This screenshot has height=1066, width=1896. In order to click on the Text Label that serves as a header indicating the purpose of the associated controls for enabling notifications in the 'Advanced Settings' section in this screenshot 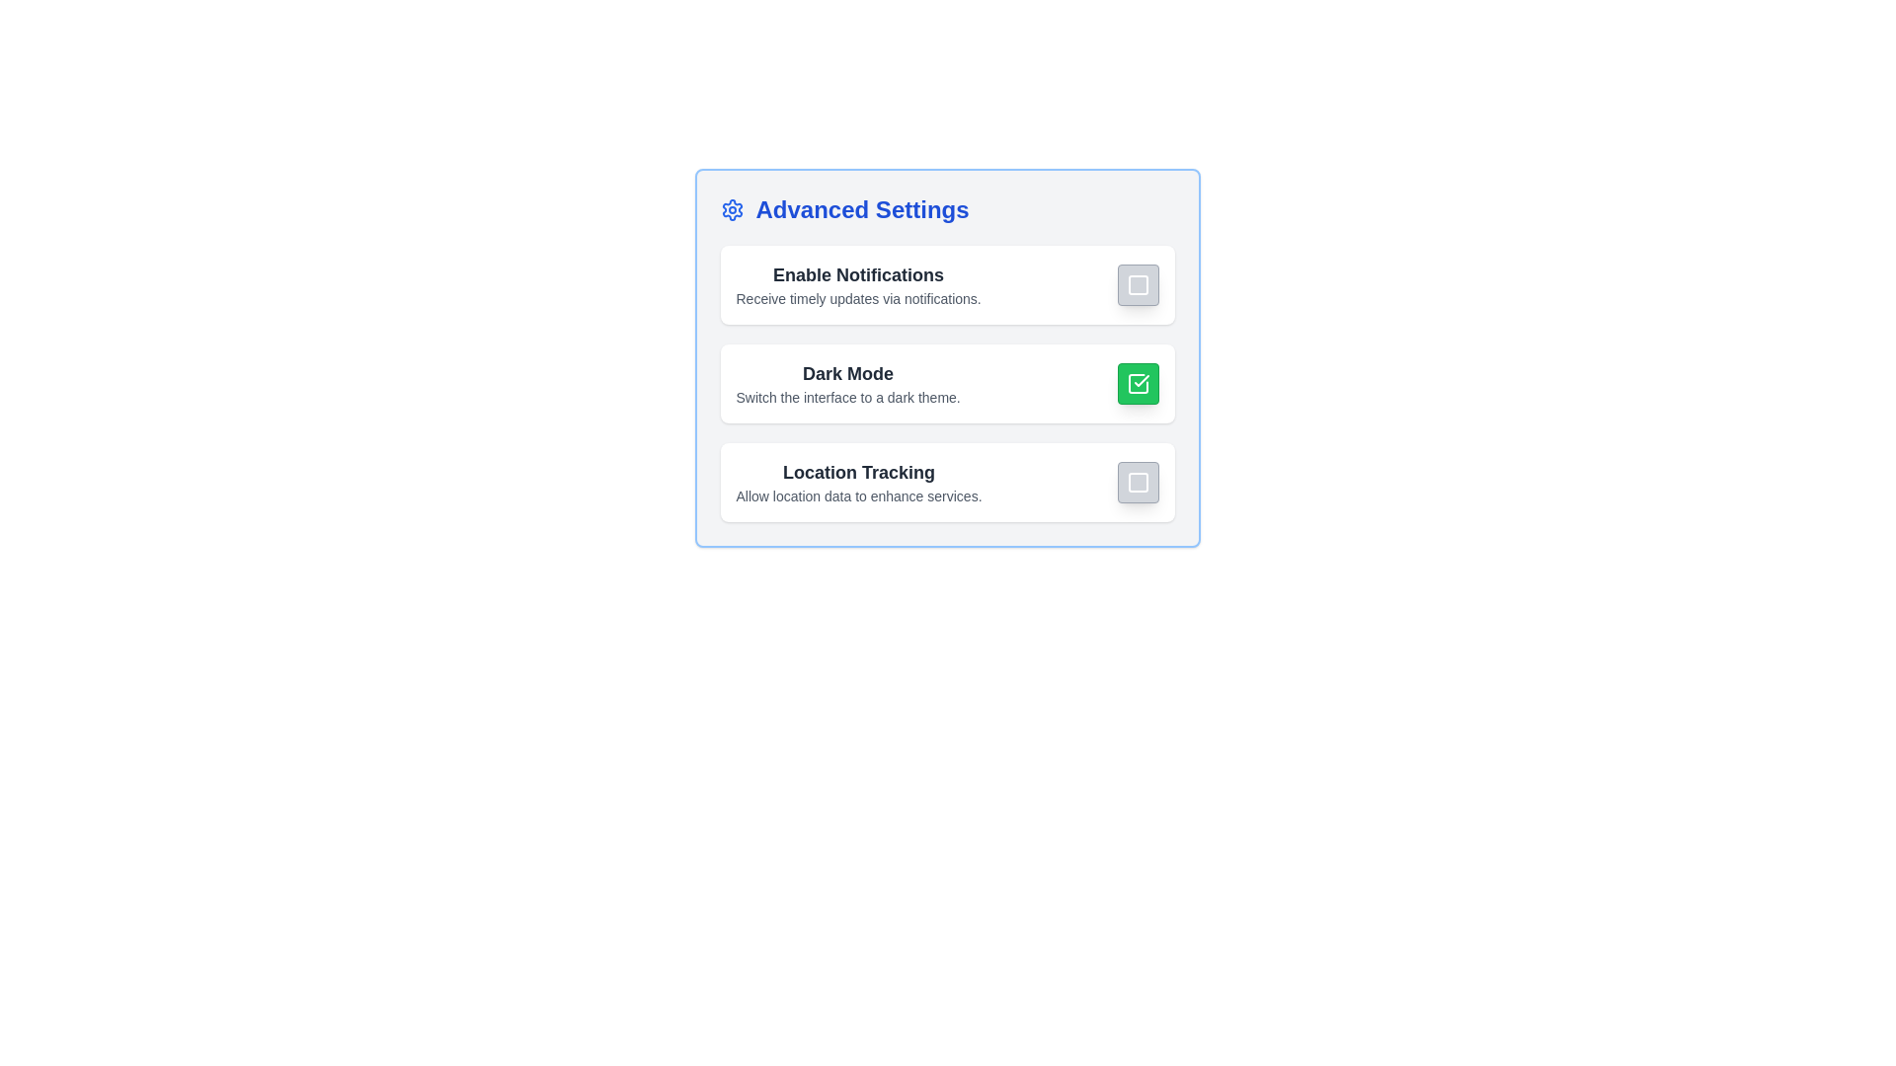, I will do `click(858, 274)`.